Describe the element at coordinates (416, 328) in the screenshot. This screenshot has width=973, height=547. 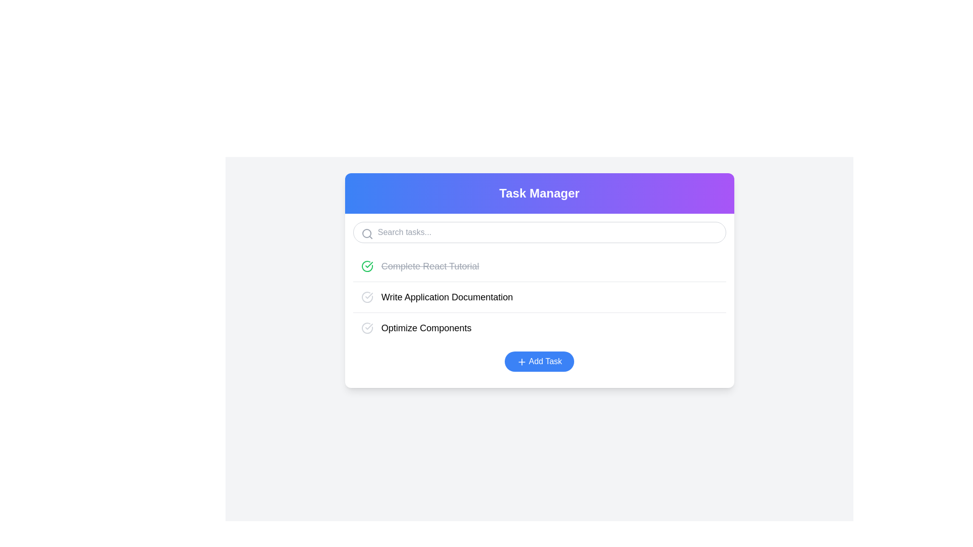
I see `the 'Optimize Components' task item` at that location.